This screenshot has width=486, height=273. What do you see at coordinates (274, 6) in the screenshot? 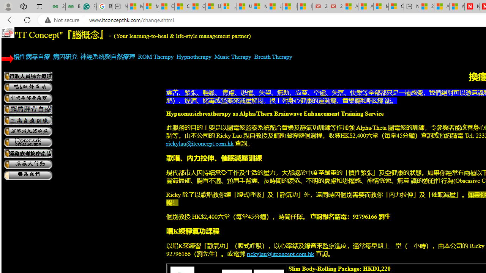
I see `'Lifestyle - MSN'` at bounding box center [274, 6].